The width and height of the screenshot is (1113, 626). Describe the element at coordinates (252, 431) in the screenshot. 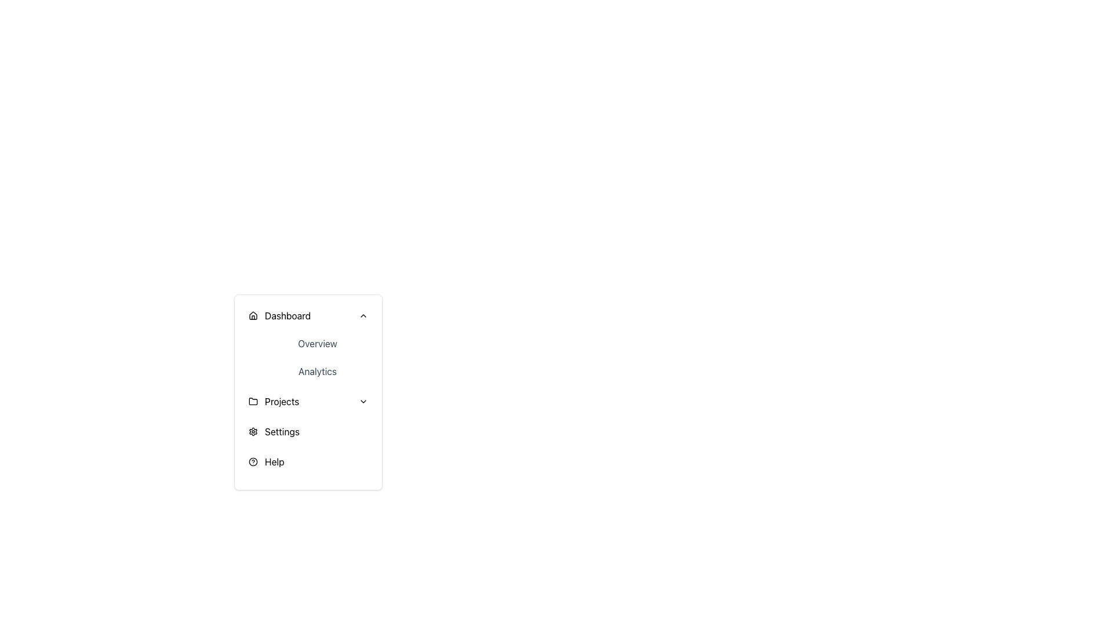

I see `the settings icon located to the left of the 'Settings' text label in the menu` at that location.